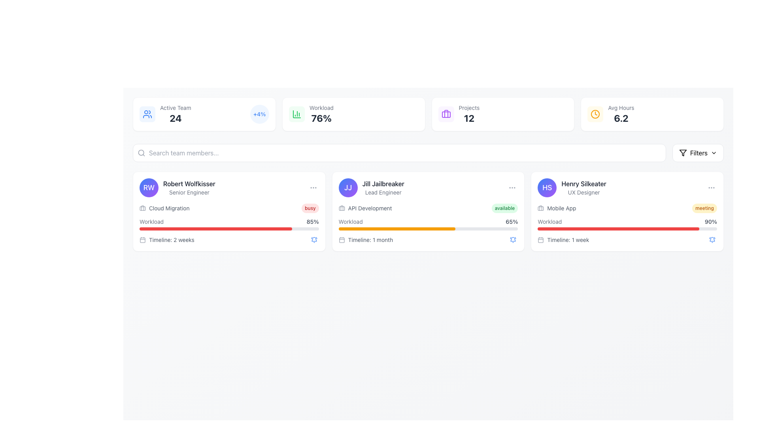 The image size is (759, 427). Describe the element at coordinates (164, 208) in the screenshot. I see `the 'Cloud Migration' label component element, which includes a briefcase icon and is styled in gray, located within the first user profile card` at that location.